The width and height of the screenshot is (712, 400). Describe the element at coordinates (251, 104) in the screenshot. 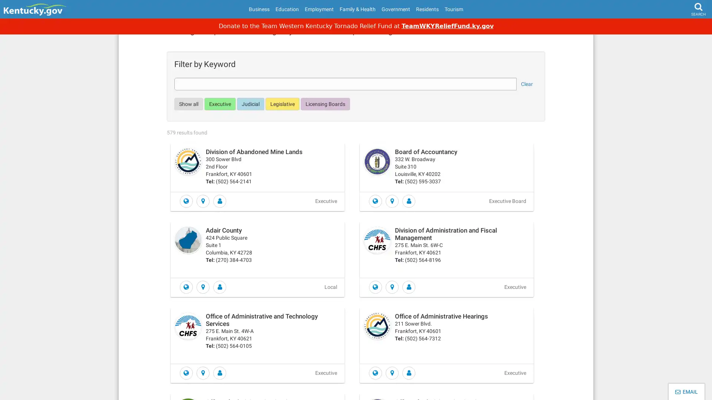

I see `Judicial` at that location.